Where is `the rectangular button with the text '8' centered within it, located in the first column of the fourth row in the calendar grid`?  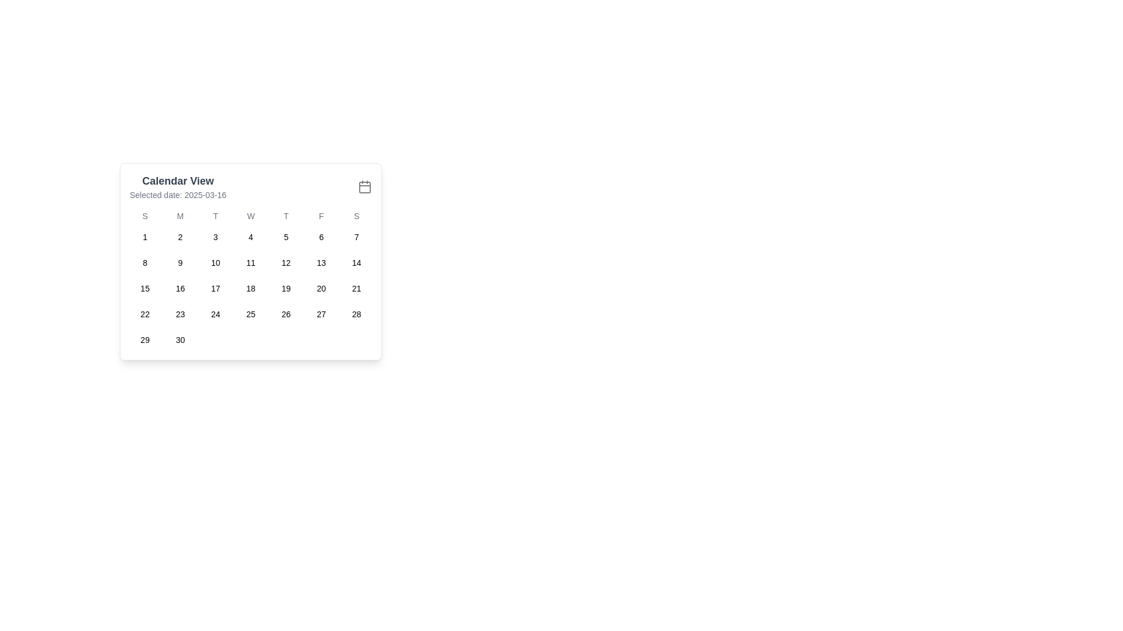 the rectangular button with the text '8' centered within it, located in the first column of the fourth row in the calendar grid is located at coordinates (144, 263).